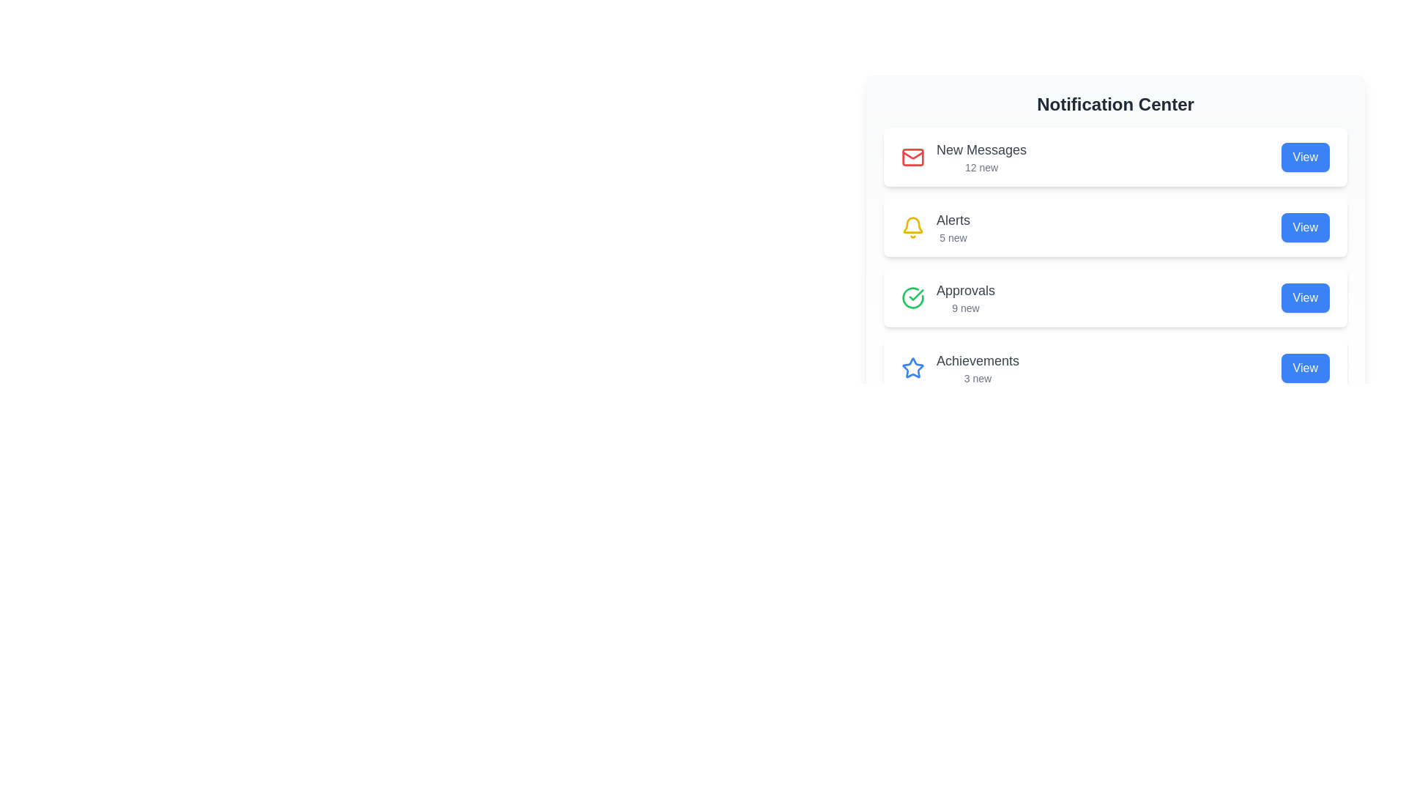  What do you see at coordinates (960, 367) in the screenshot?
I see `the Notification summary element that shows 'Achievements' with 3 new items, positioned before the 'View' button` at bounding box center [960, 367].